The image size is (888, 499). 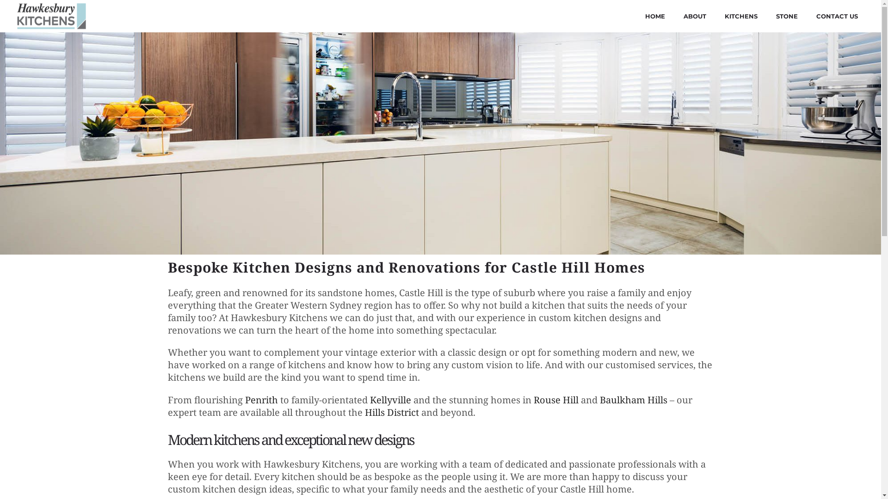 What do you see at coordinates (440, 143) in the screenshot?
I see `'Modern style kitchen 1'` at bounding box center [440, 143].